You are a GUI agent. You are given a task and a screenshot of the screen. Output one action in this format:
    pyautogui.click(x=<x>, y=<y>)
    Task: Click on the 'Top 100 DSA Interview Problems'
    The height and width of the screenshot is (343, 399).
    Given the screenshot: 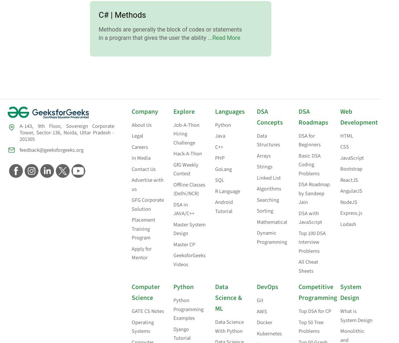 What is the action you would take?
    pyautogui.click(x=312, y=242)
    